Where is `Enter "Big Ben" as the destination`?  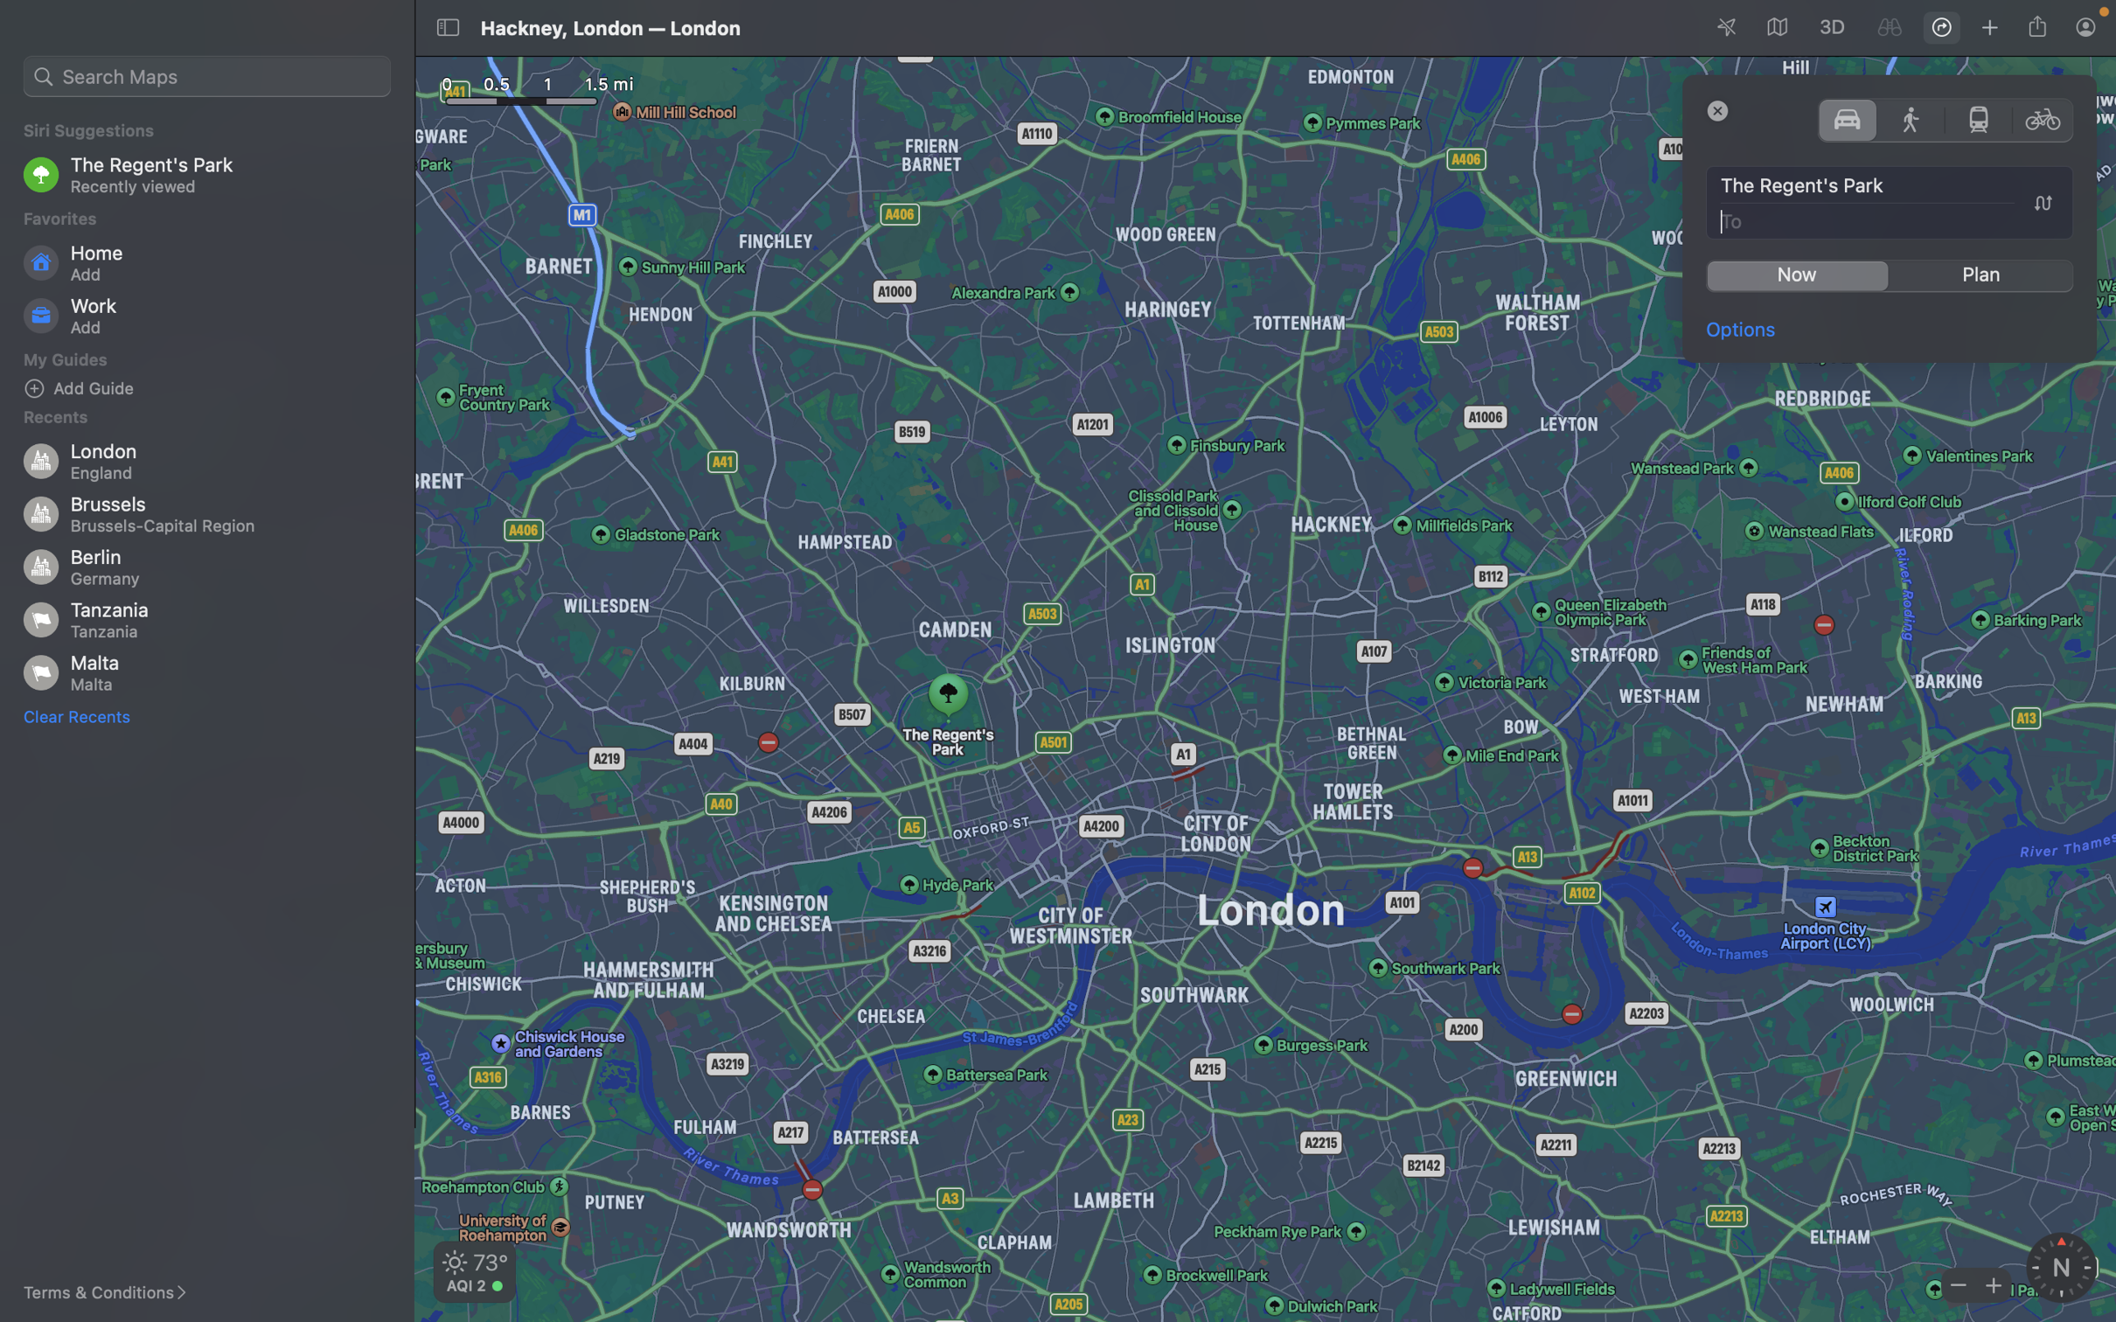
Enter "Big Ben" as the destination is located at coordinates (1890, 219).